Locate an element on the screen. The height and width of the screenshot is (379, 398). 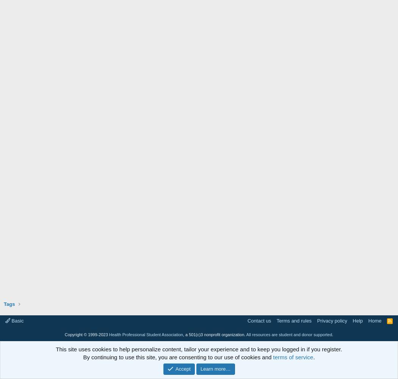
'This site uses cookies to help personalize content, tailor your experience and to keep you logged in if you register.' is located at coordinates (198, 349).